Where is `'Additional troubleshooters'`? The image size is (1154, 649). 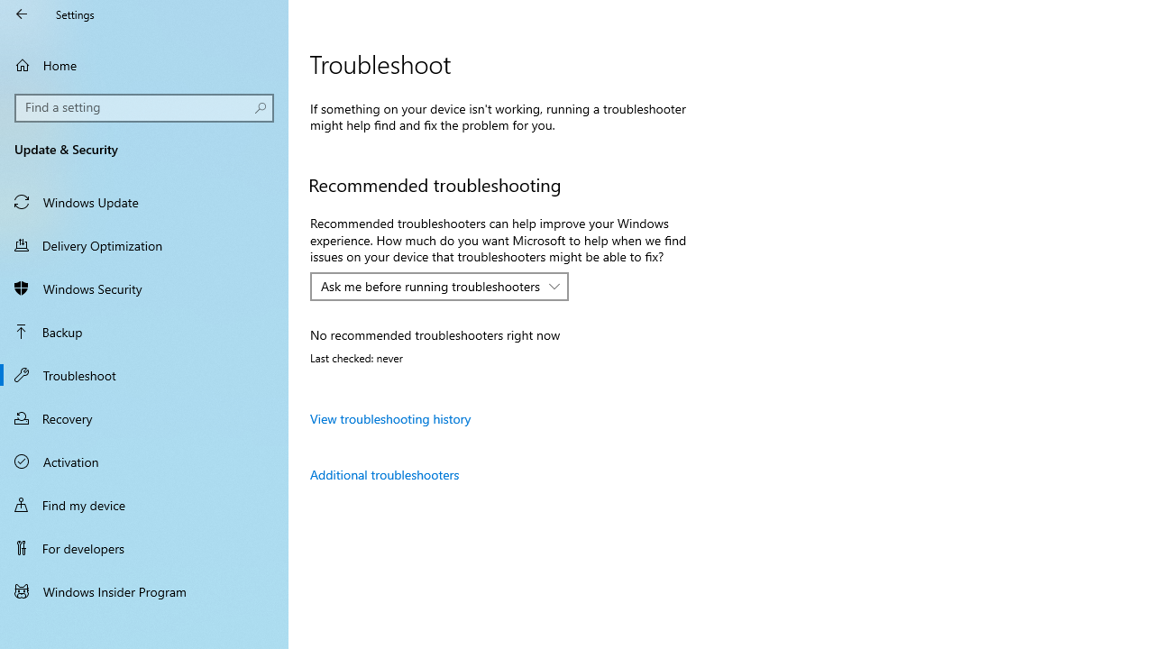 'Additional troubleshooters' is located at coordinates (383, 473).